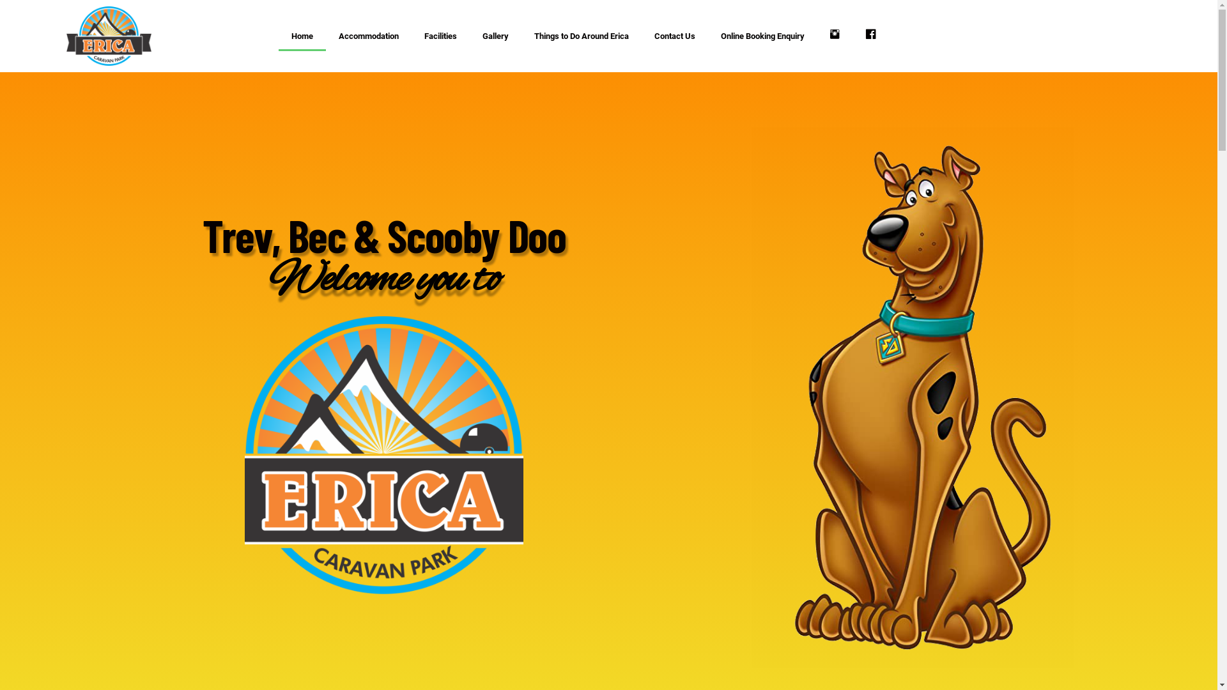 Image resolution: width=1227 pixels, height=690 pixels. I want to click on 'Contact Us', so click(674, 36).